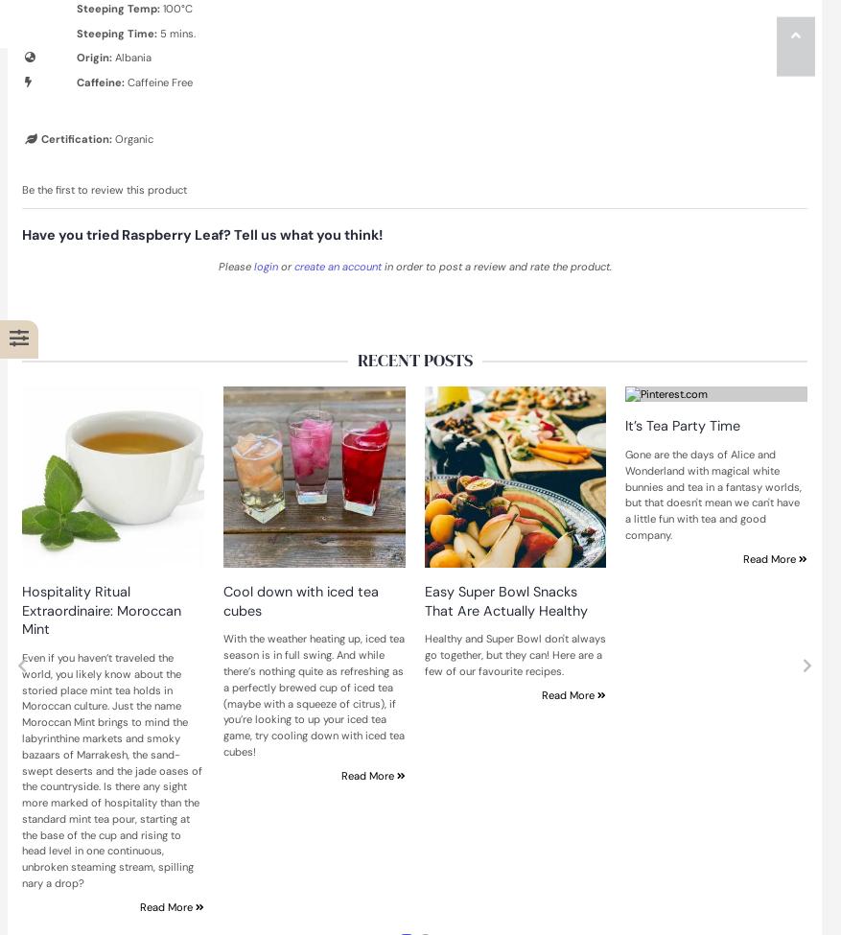 This screenshot has height=935, width=841. Describe the element at coordinates (101, 610) in the screenshot. I see `'Hospitality Ritual Extraordinaire: Moroccan Mint'` at that location.